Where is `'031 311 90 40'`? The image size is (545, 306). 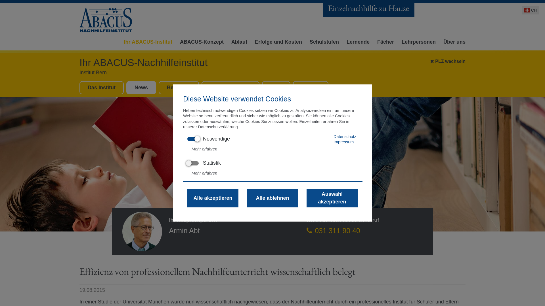 '031 311 90 40' is located at coordinates (333, 230).